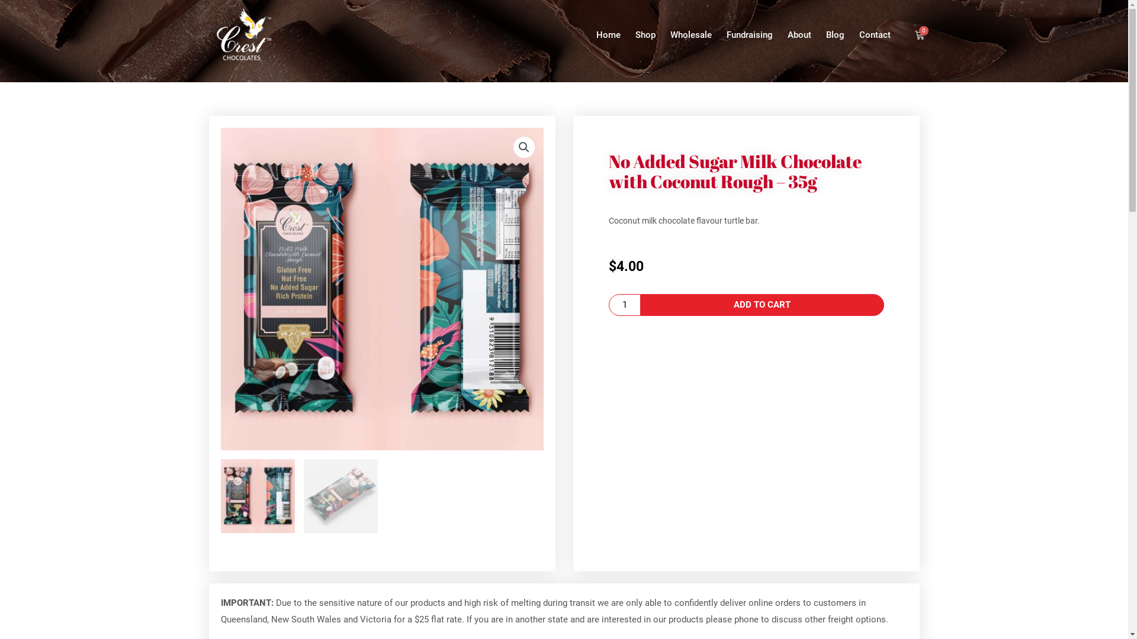  What do you see at coordinates (644, 34) in the screenshot?
I see `'Shop'` at bounding box center [644, 34].